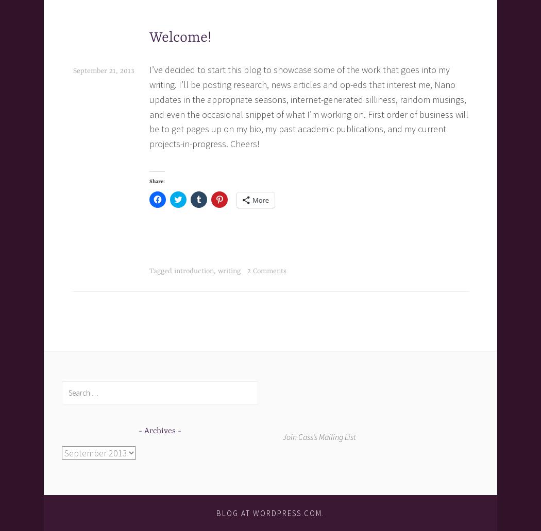  I want to click on '2 Comments', so click(266, 271).